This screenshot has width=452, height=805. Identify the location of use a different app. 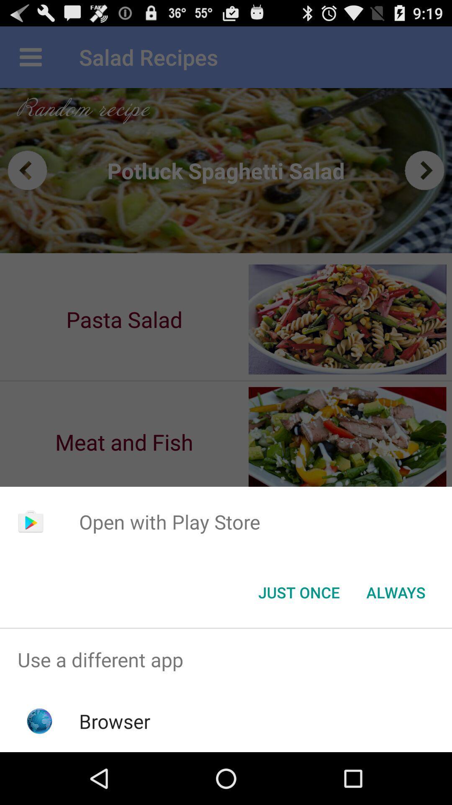
(226, 659).